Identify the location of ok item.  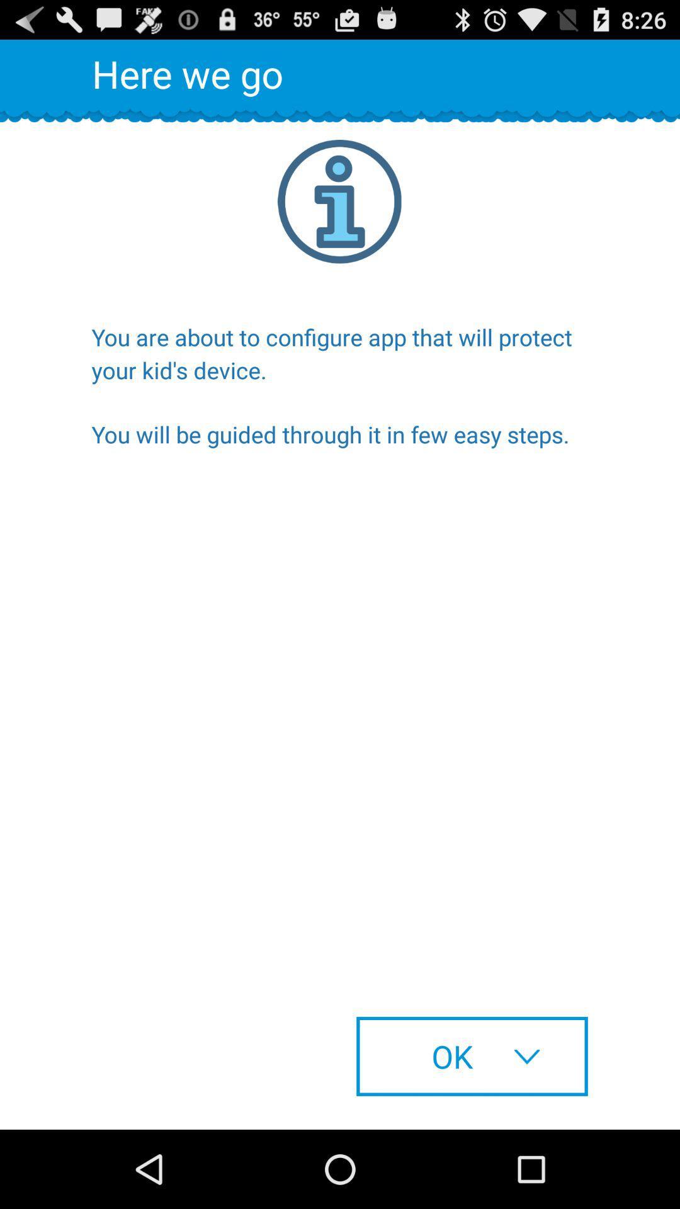
(472, 1056).